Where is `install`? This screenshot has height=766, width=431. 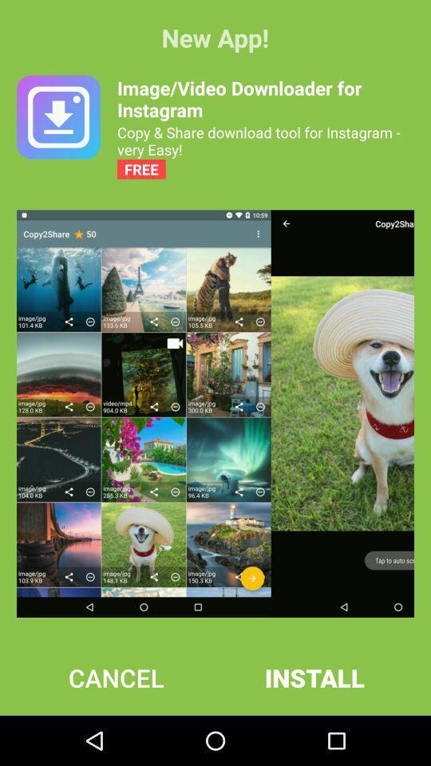
install is located at coordinates (314, 677).